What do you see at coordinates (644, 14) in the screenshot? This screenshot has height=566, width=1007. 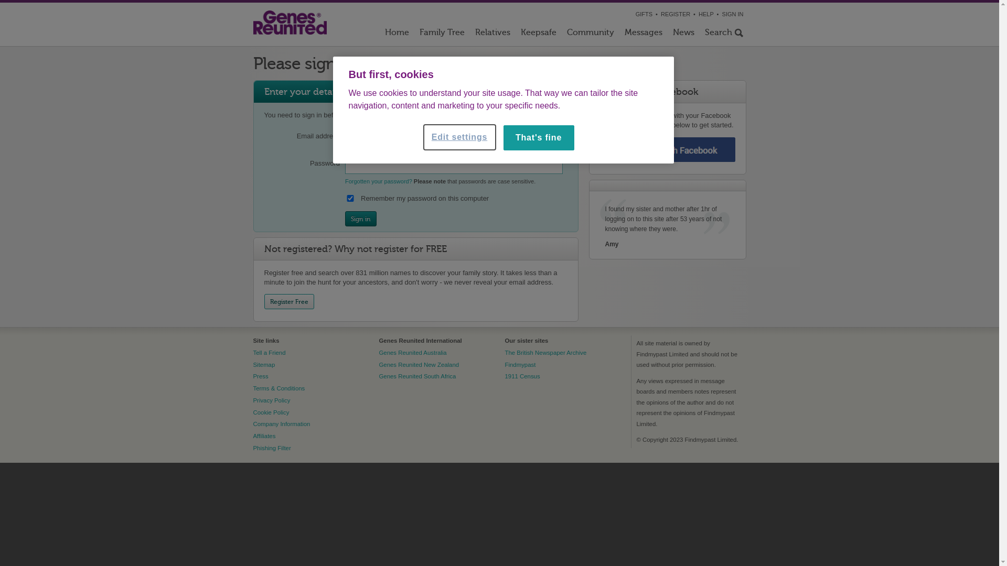 I see `'GIFTS'` at bounding box center [644, 14].